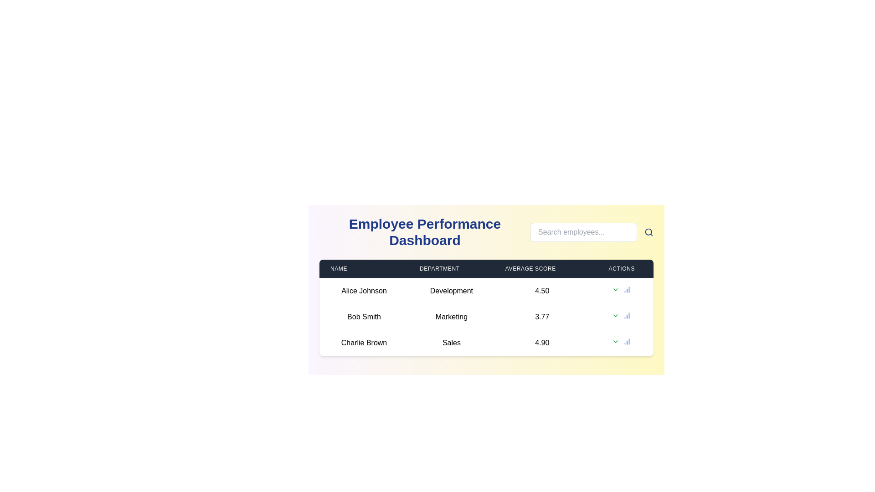 The height and width of the screenshot is (492, 875). Describe the element at coordinates (451, 343) in the screenshot. I see `the Table Cell indicating the department associated with employee 'Charlie Brown' in the 'Employee Performance Dashboard'` at that location.